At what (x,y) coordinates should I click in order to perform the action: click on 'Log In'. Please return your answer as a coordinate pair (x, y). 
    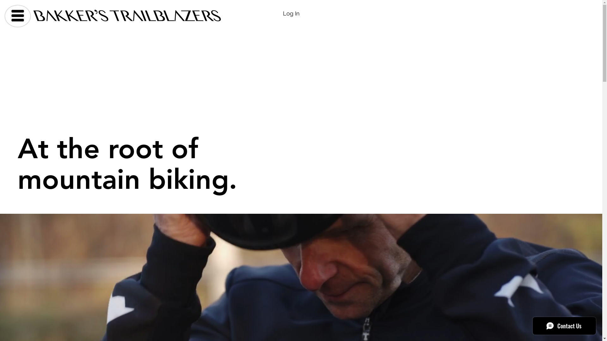
    Looking at the image, I should click on (291, 13).